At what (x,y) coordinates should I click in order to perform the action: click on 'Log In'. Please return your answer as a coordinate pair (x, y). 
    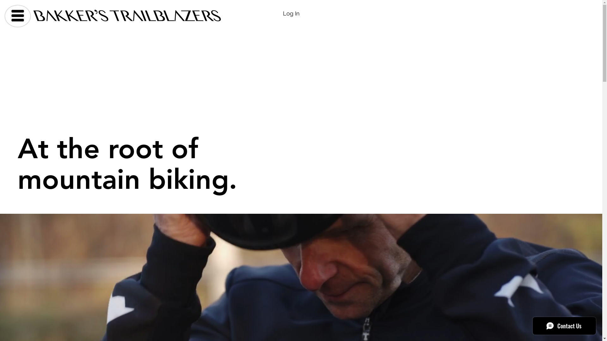
    Looking at the image, I should click on (291, 13).